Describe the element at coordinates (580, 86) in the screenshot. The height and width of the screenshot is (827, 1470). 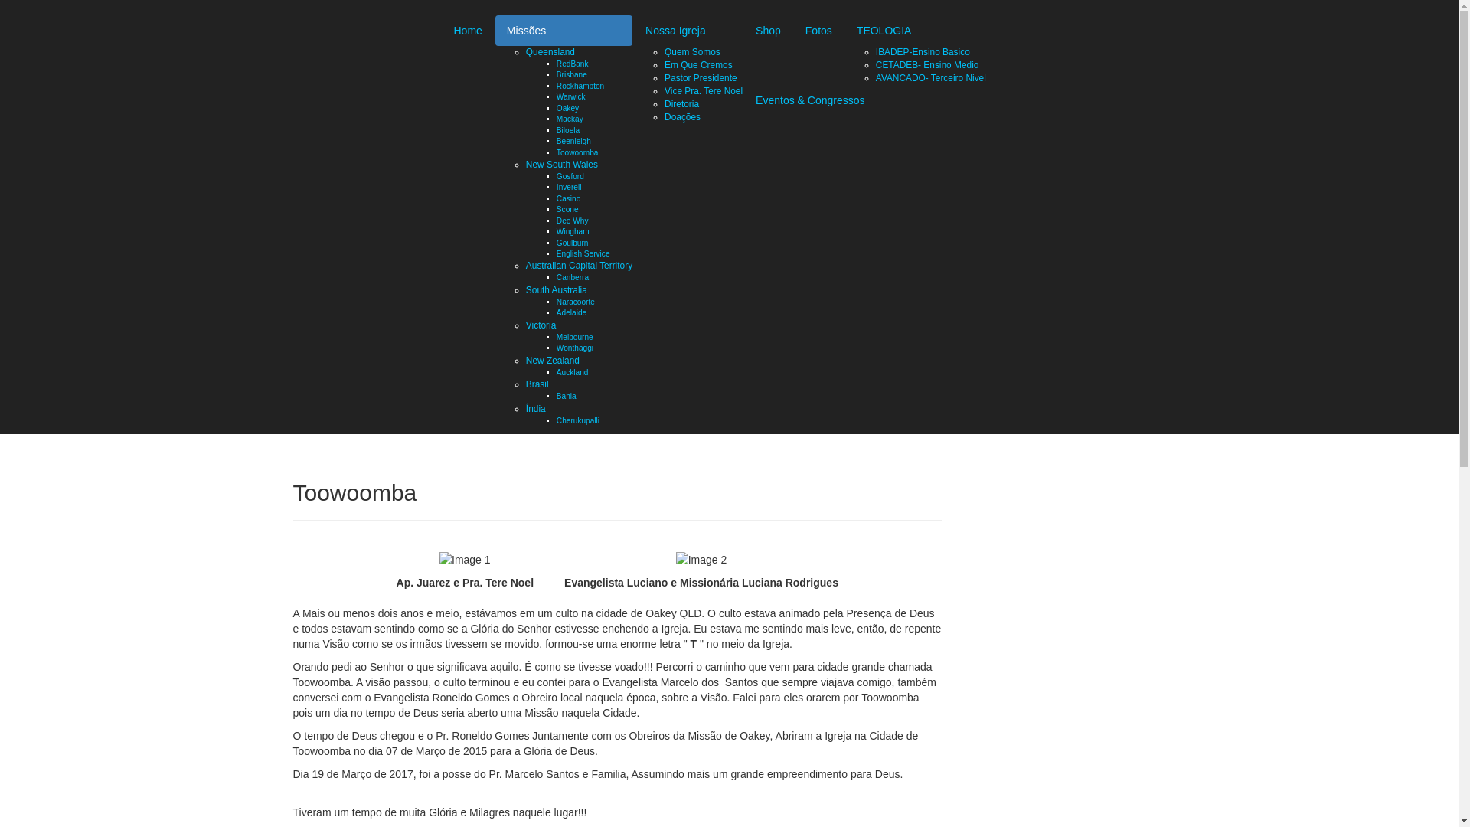
I see `'Rockhampton'` at that location.